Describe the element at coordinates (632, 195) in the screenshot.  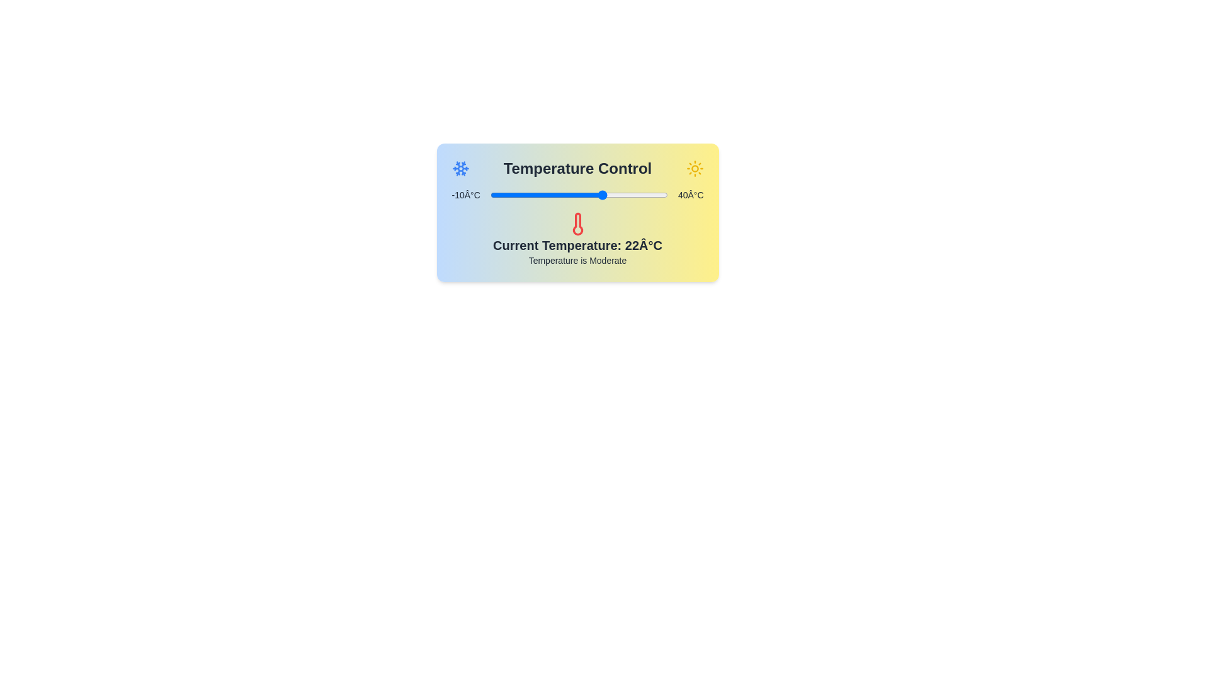
I see `the slider to set the temperature to 30°C` at that location.